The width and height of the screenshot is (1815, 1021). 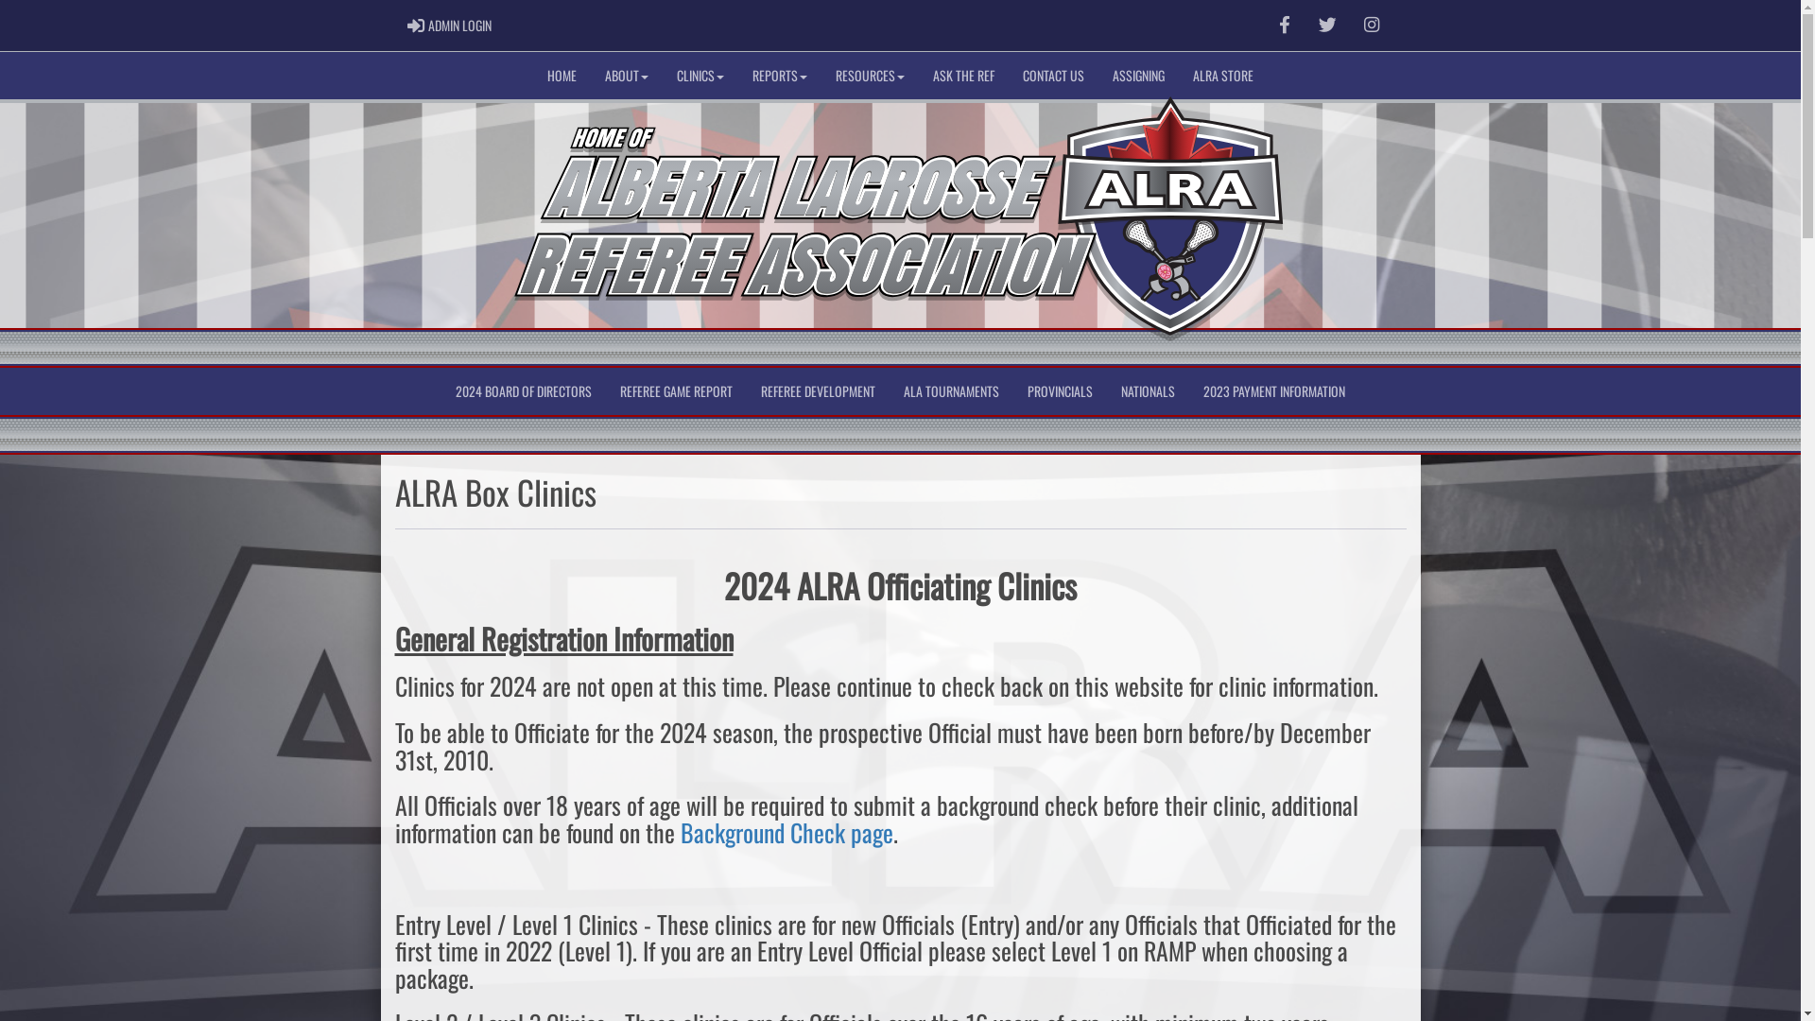 I want to click on 'like us', so click(x=1284, y=25).